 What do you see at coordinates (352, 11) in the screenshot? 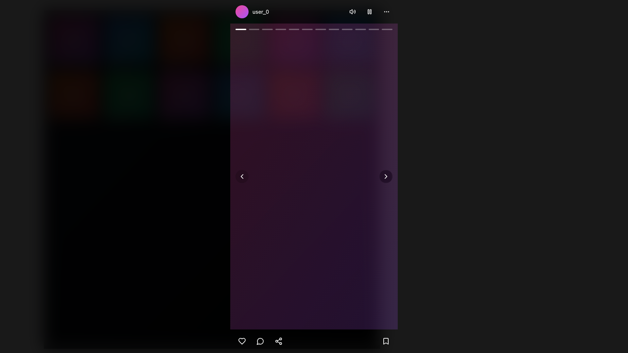
I see `the volume control button, which is an icon resembling a speaker with sound waves, located at the top-right corner of the interface` at bounding box center [352, 11].